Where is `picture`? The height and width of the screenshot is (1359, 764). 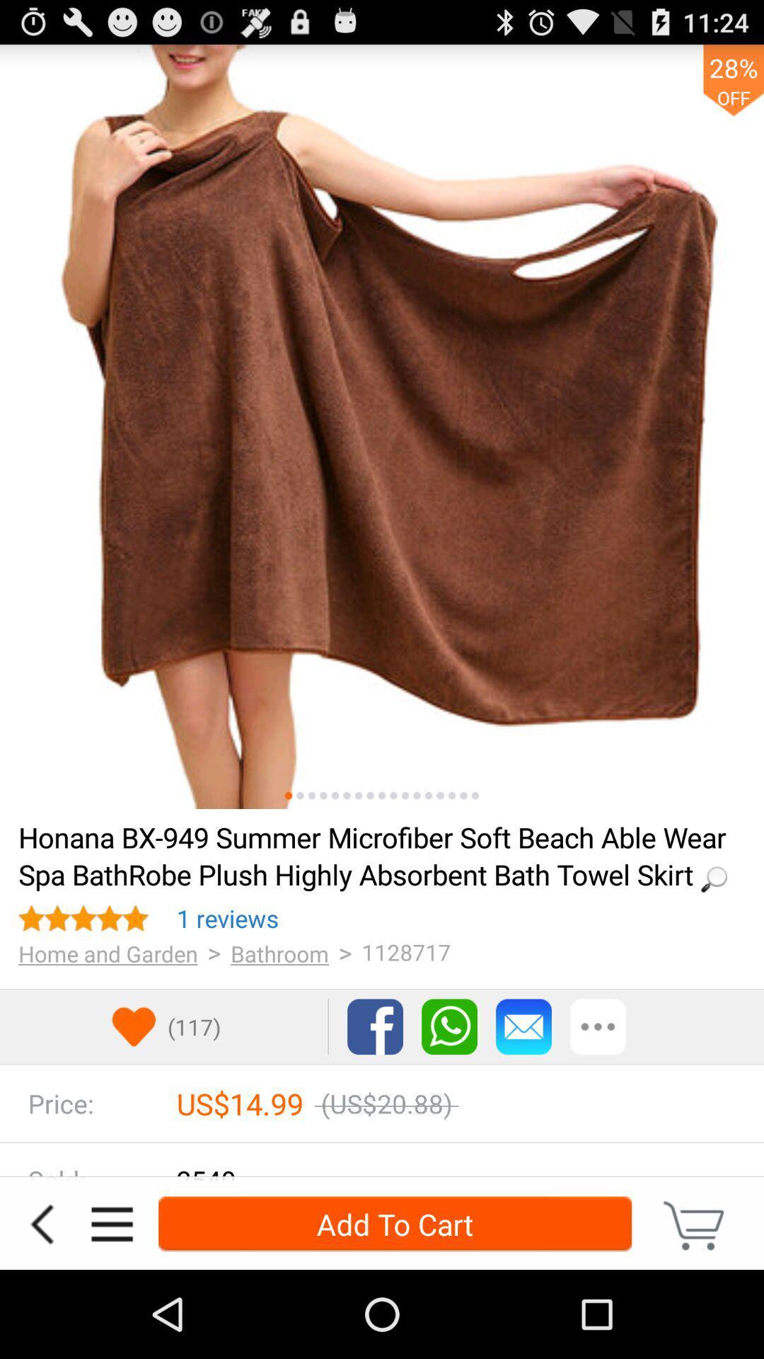
picture is located at coordinates (369, 796).